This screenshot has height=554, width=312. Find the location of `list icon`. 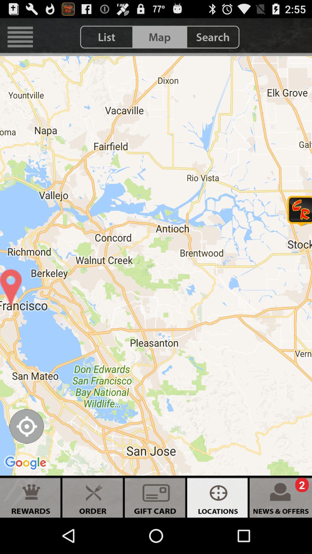

list icon is located at coordinates (107, 37).